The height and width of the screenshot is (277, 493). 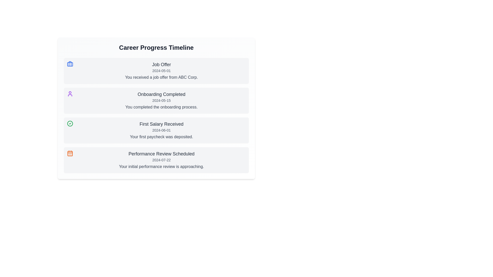 What do you see at coordinates (156, 160) in the screenshot?
I see `the Informative Card titled 'Performance Review Scheduled' which is the fourth card in the 'Career Progress Timeline' interface` at bounding box center [156, 160].